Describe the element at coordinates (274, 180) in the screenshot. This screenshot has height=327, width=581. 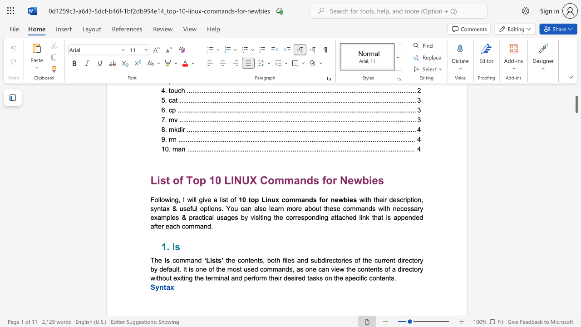
I see `the subset text "mman" within the text "List of Top 10 LINUX Commands for Newbies"` at that location.